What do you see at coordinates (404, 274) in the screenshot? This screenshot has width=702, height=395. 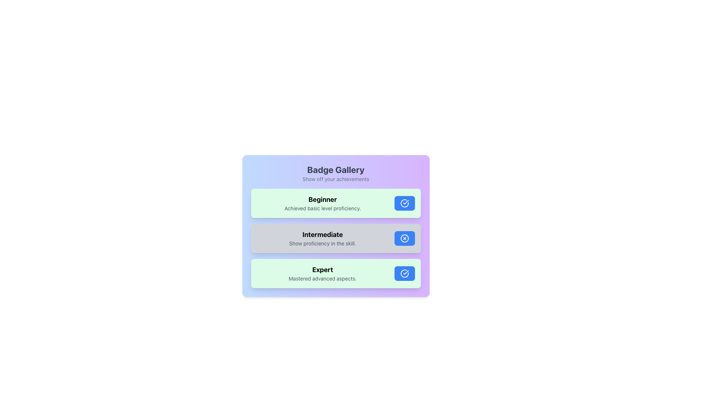 I see `the circular verification icon with a blue background and checkmark inside it, located in the bottom section of the 'Expert' entry button in a three-item list` at bounding box center [404, 274].